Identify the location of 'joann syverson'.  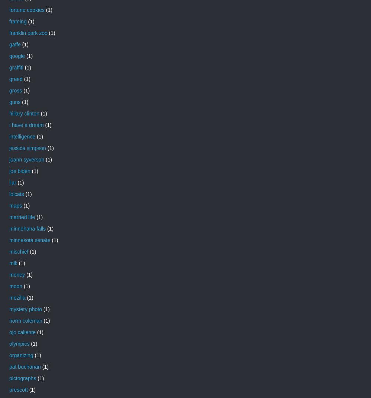
(26, 159).